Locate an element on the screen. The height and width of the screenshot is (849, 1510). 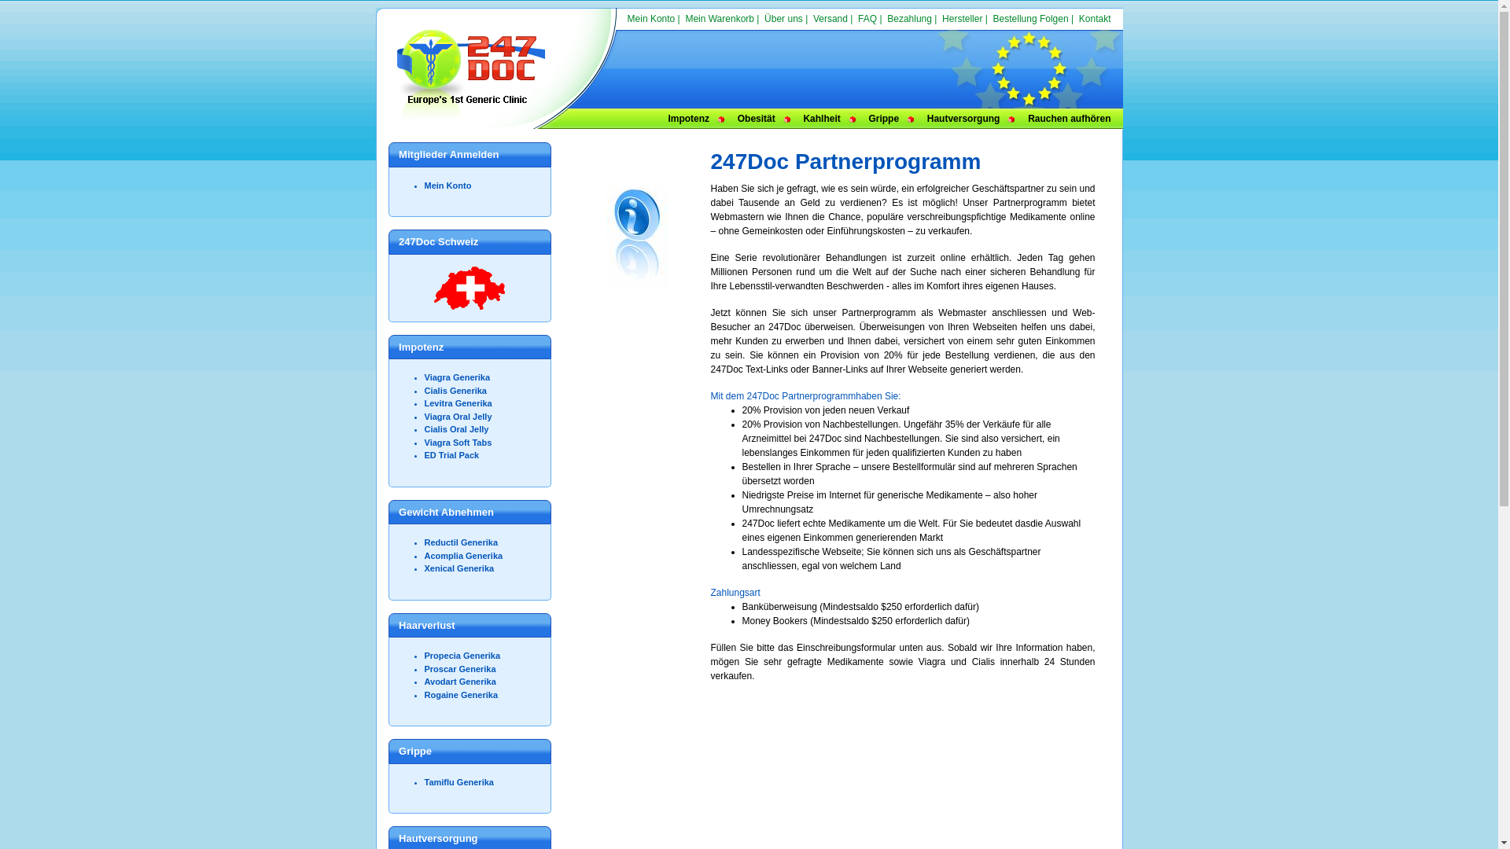
'Cialis Oral Jelly' is located at coordinates (455, 429).